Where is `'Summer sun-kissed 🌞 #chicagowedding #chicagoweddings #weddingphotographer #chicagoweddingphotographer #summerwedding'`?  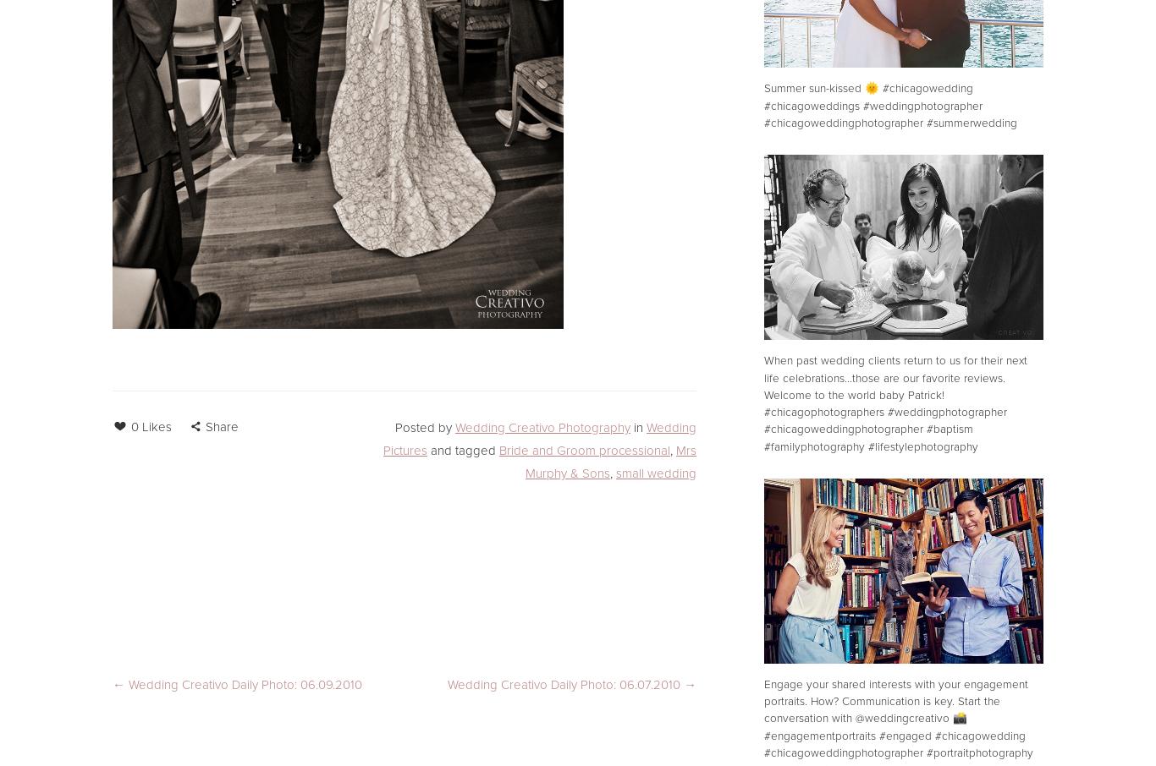
'Summer sun-kissed 🌞 #chicagowedding #chicagoweddings #weddingphotographer #chicagoweddingphotographer #summerwedding' is located at coordinates (889, 104).